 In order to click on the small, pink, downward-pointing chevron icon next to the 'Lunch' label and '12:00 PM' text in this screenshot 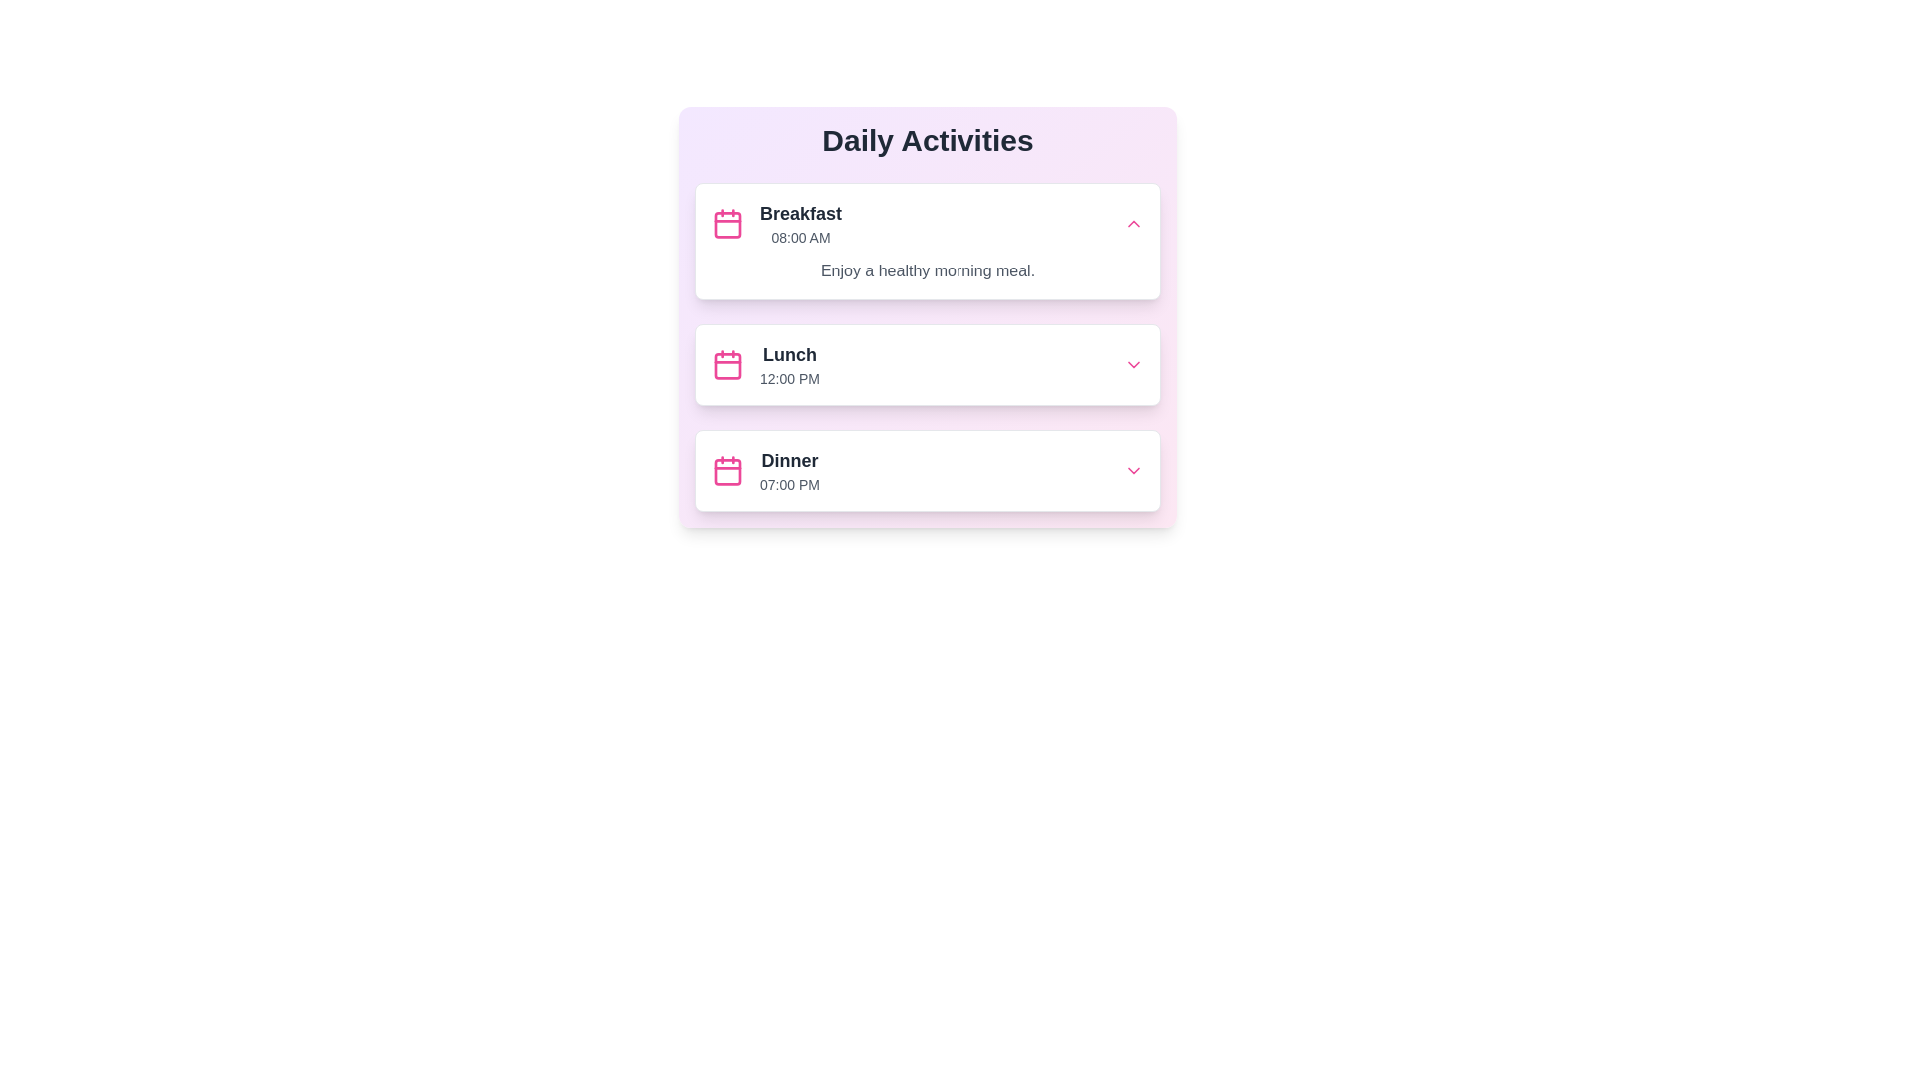, I will do `click(1134, 365)`.